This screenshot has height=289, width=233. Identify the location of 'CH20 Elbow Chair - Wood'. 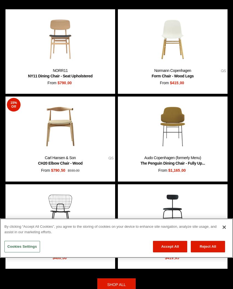
(60, 163).